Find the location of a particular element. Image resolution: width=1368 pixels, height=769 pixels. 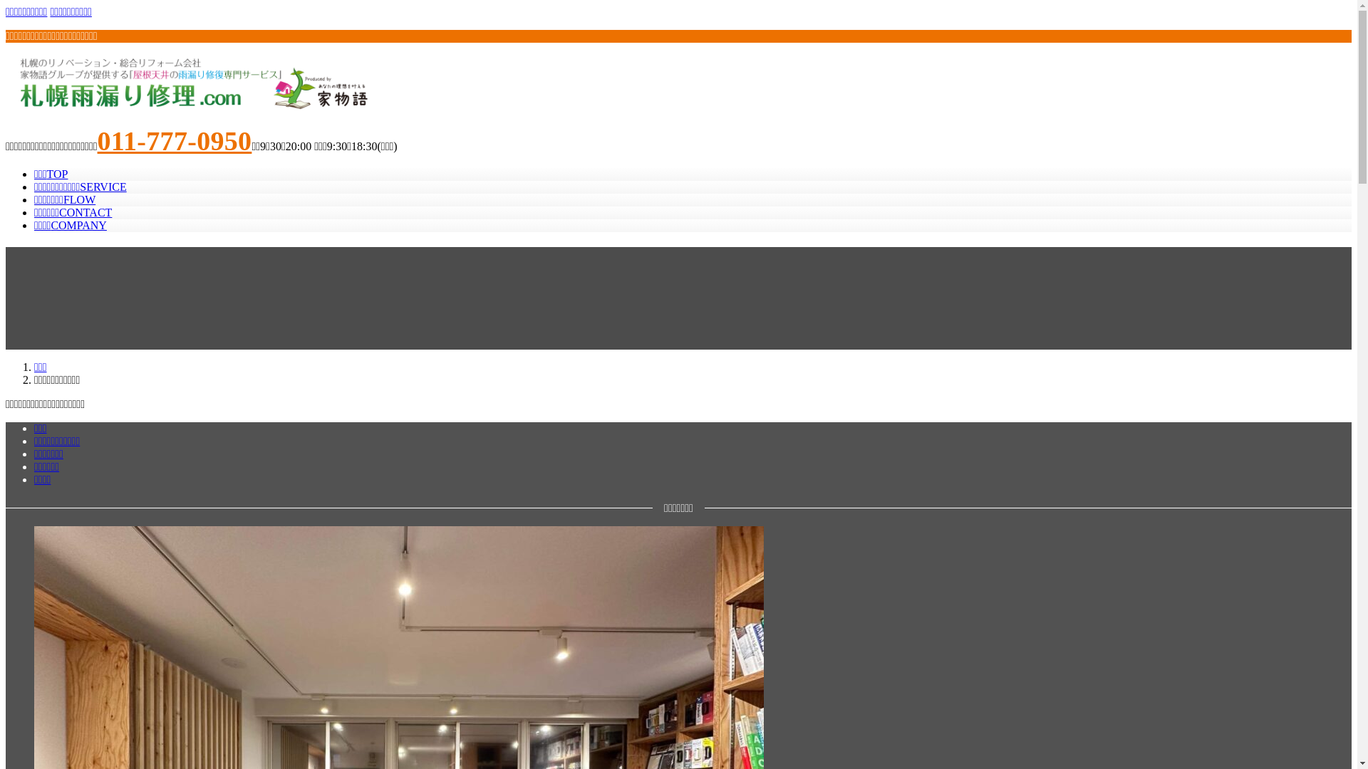

'011-777-0950' is located at coordinates (174, 140).